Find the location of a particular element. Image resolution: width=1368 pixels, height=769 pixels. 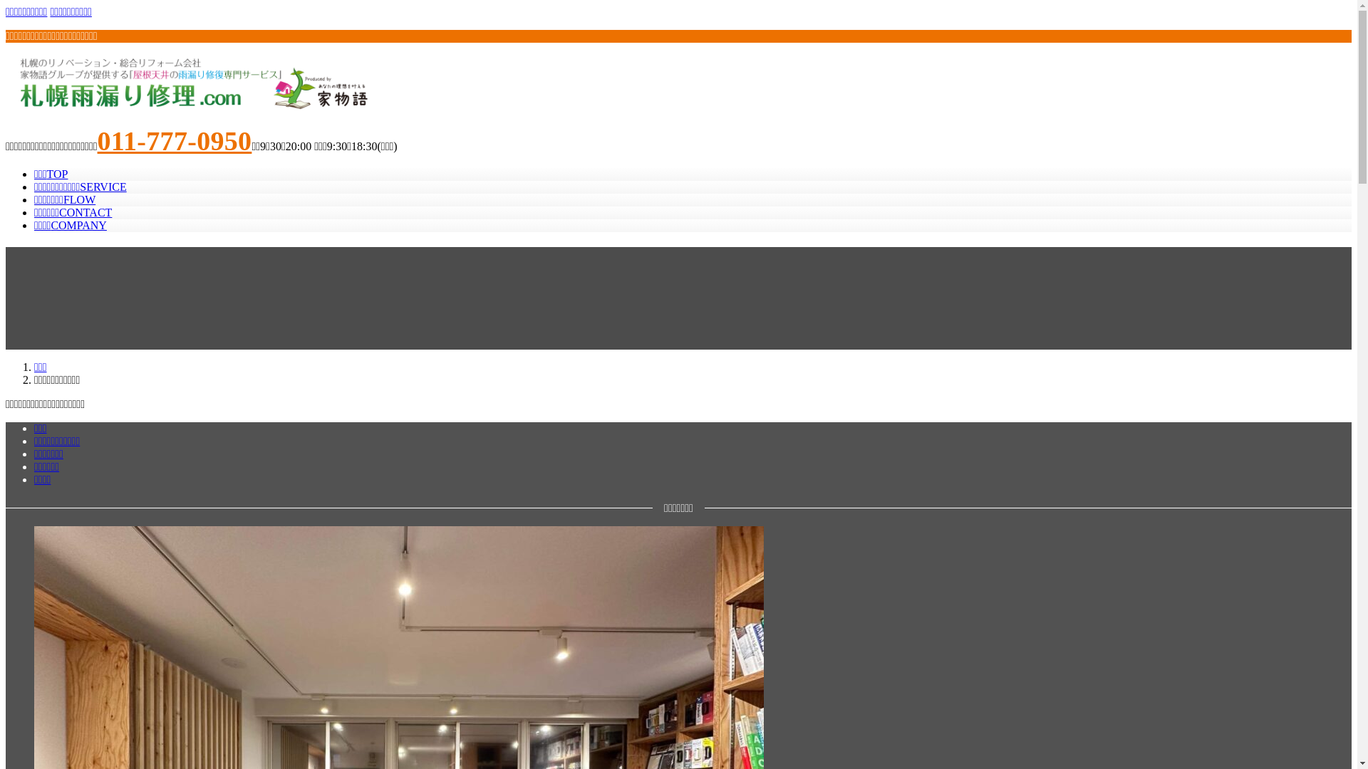

'011-777-0950' is located at coordinates (174, 140).